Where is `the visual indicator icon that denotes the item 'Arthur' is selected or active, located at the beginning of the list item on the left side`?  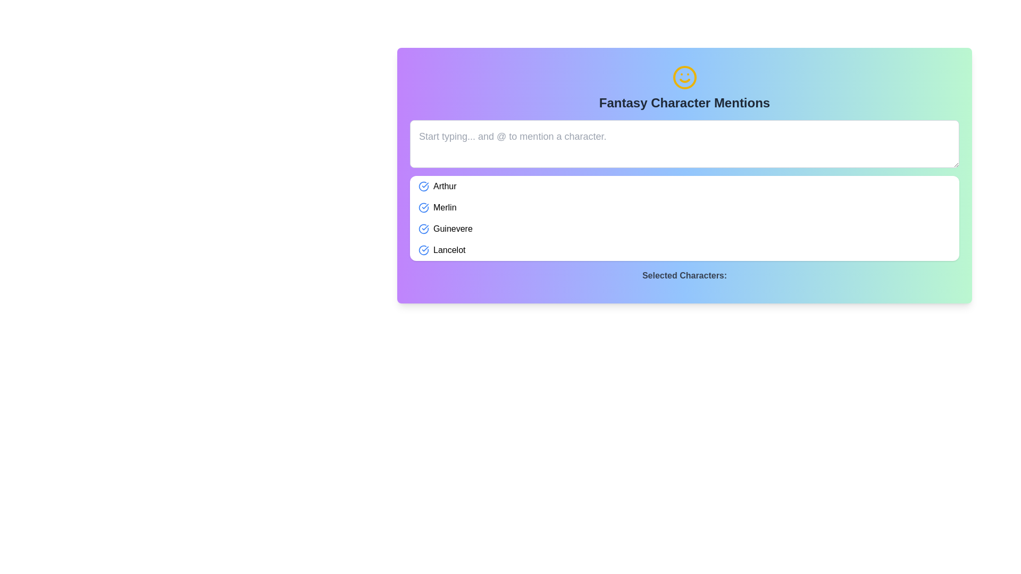 the visual indicator icon that denotes the item 'Arthur' is selected or active, located at the beginning of the list item on the left side is located at coordinates (423, 186).